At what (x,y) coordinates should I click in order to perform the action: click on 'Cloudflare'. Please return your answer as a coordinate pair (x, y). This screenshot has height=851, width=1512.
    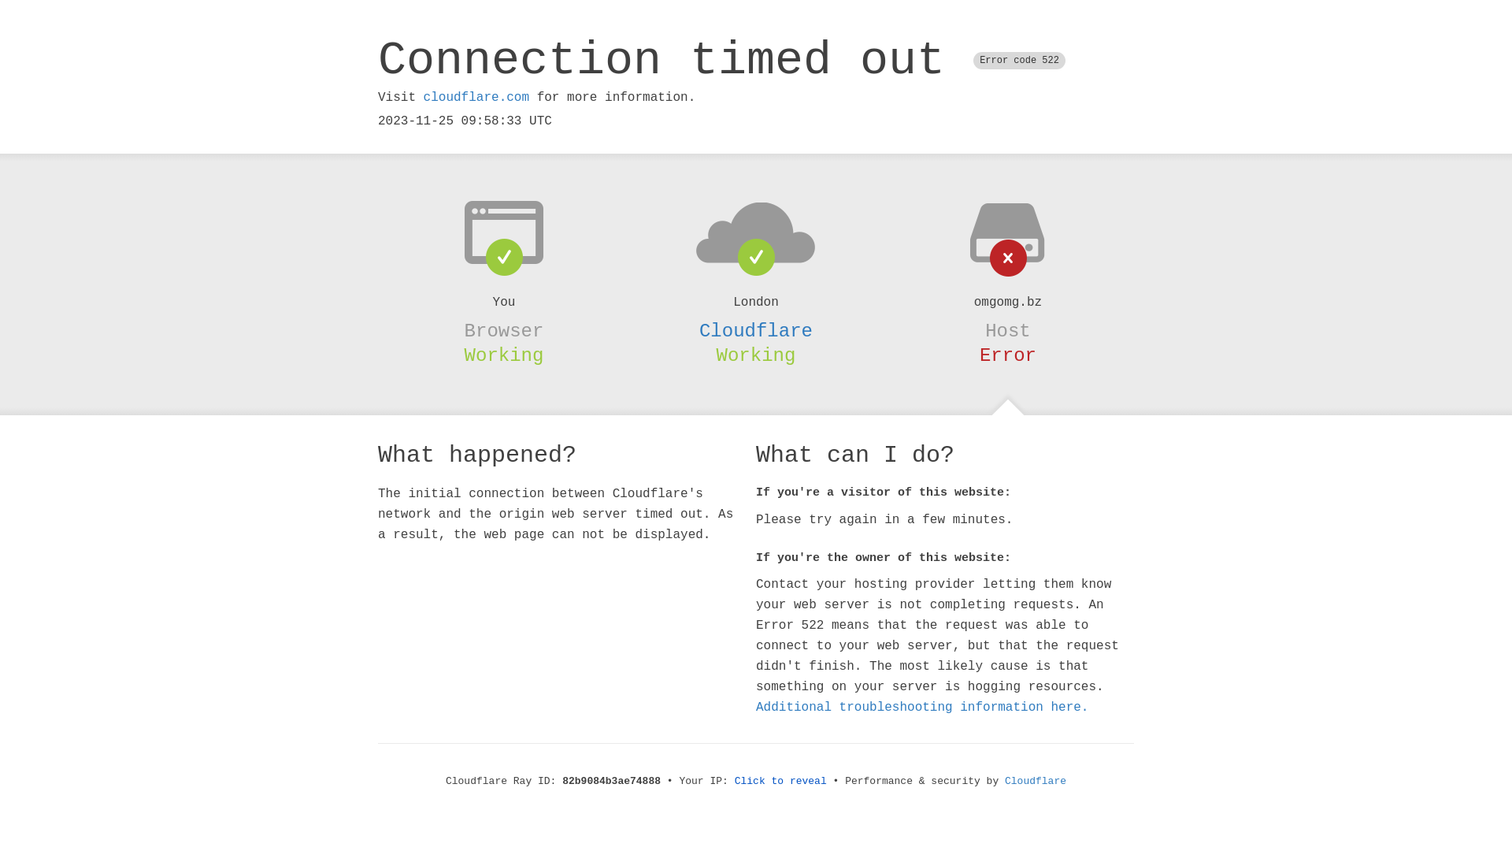
    Looking at the image, I should click on (1036, 781).